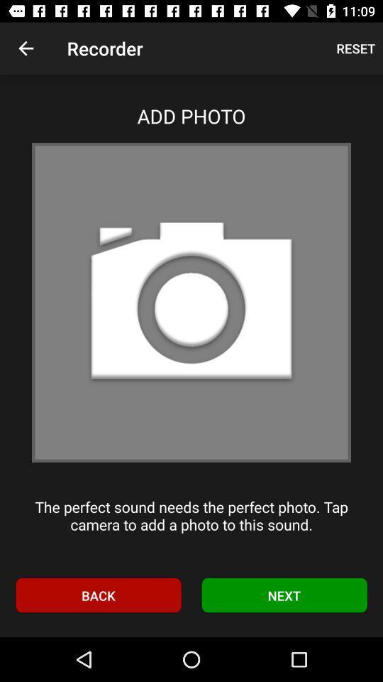 This screenshot has width=383, height=682. I want to click on next, so click(284, 595).